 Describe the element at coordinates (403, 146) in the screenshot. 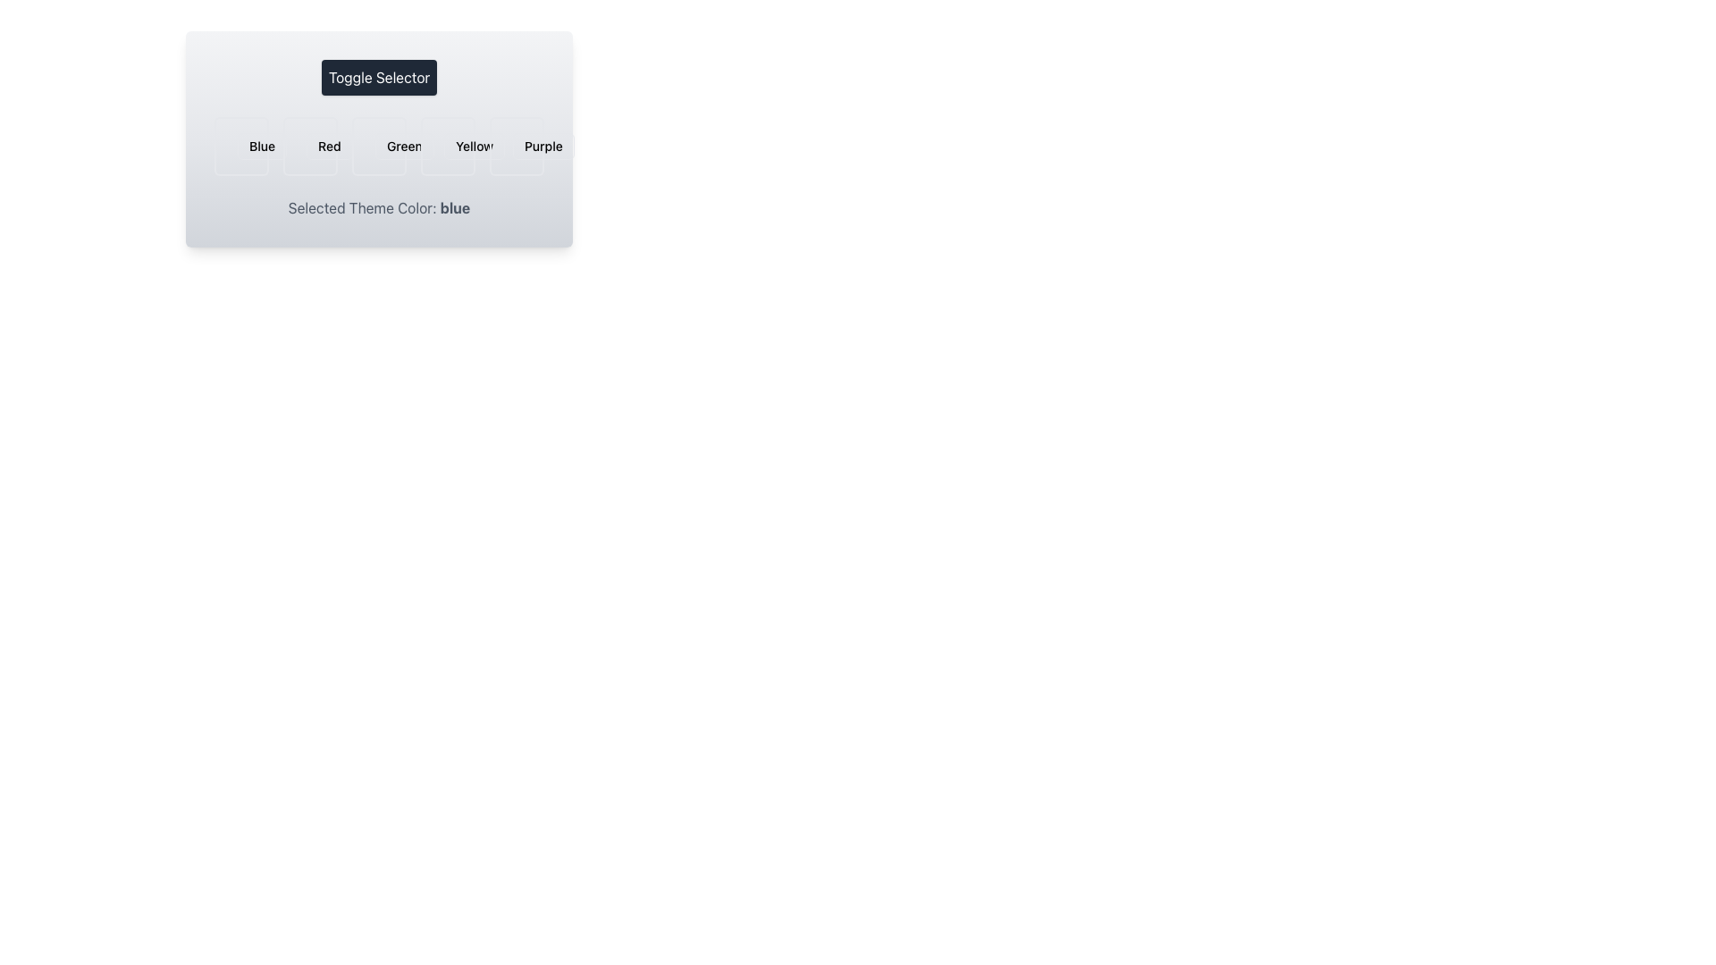

I see `the 'Green' button in the toggle selector` at that location.